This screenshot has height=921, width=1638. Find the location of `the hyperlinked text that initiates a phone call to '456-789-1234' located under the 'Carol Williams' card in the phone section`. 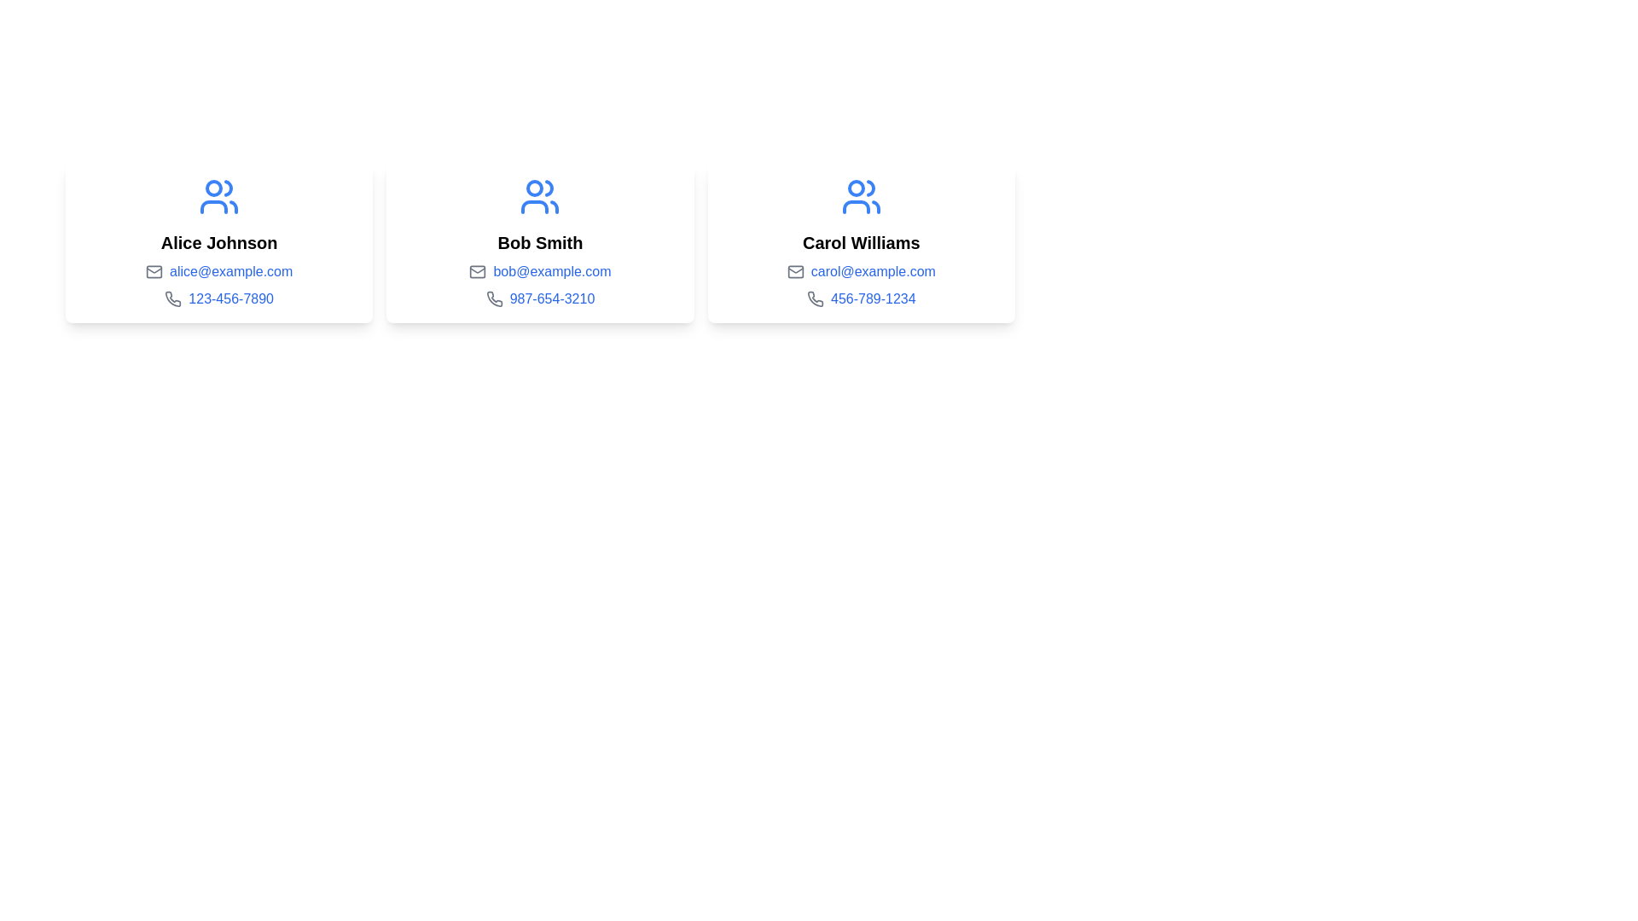

the hyperlinked text that initiates a phone call to '456-789-1234' located under the 'Carol Williams' card in the phone section is located at coordinates (873, 298).